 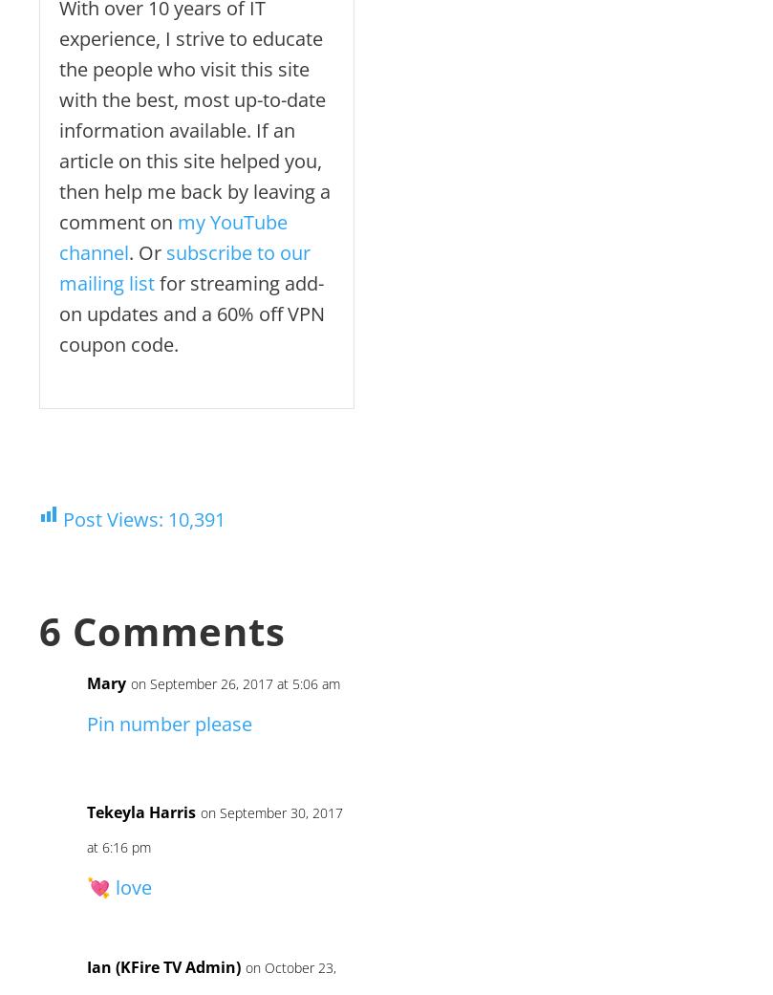 What do you see at coordinates (191, 314) in the screenshot?
I see `'for streaming add-on updates and a 60% off VPN coupon code.'` at bounding box center [191, 314].